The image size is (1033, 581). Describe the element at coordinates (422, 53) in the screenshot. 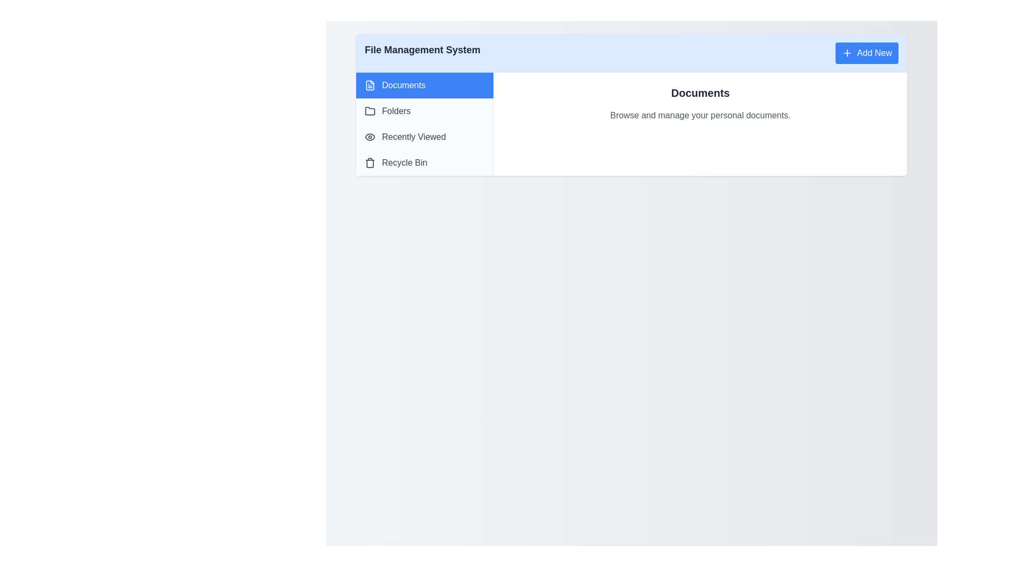

I see `the 'File Management System' text label, which is styled in bold dark gray and located in the top header bar with a light blue background` at that location.